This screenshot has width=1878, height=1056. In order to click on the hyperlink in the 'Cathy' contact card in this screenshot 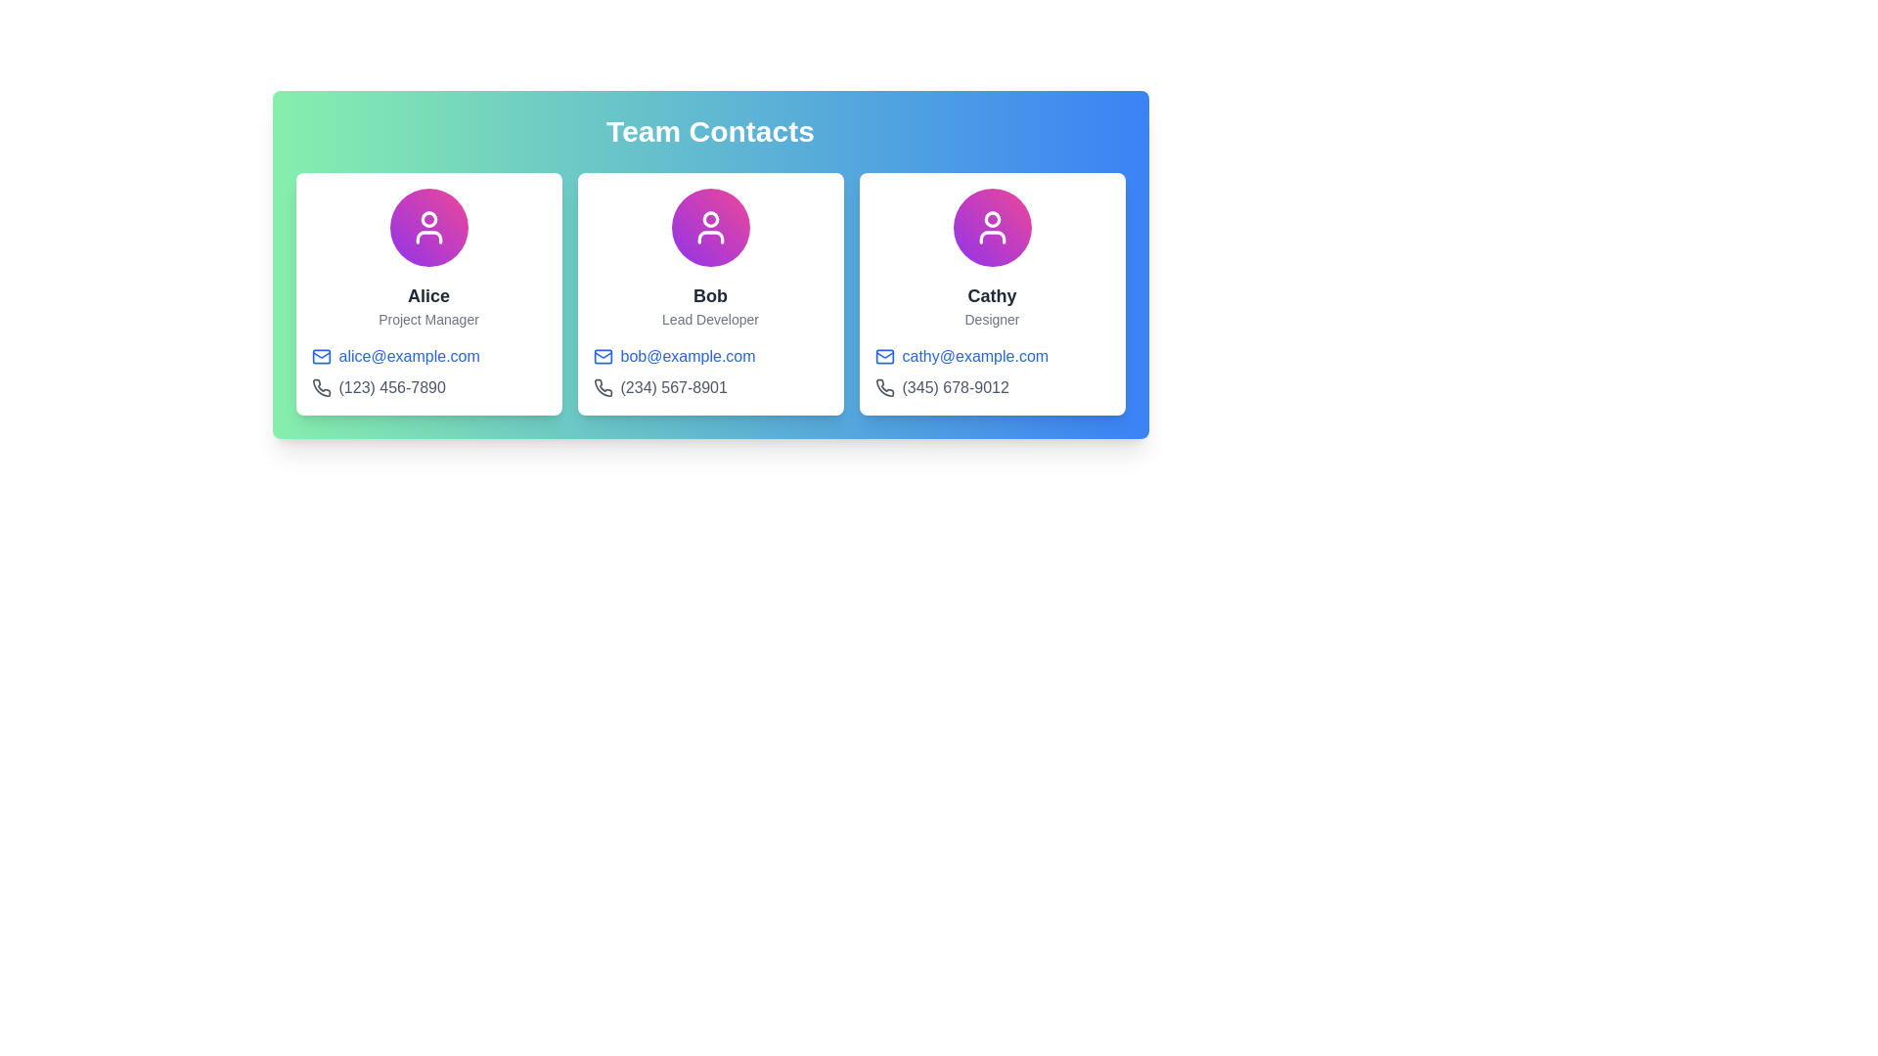, I will do `click(992, 357)`.